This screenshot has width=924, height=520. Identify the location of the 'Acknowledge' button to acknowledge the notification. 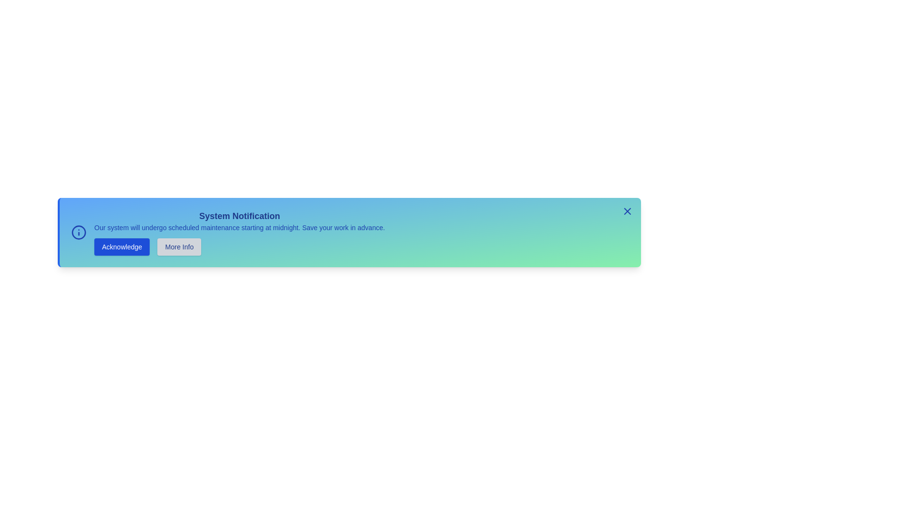
(121, 247).